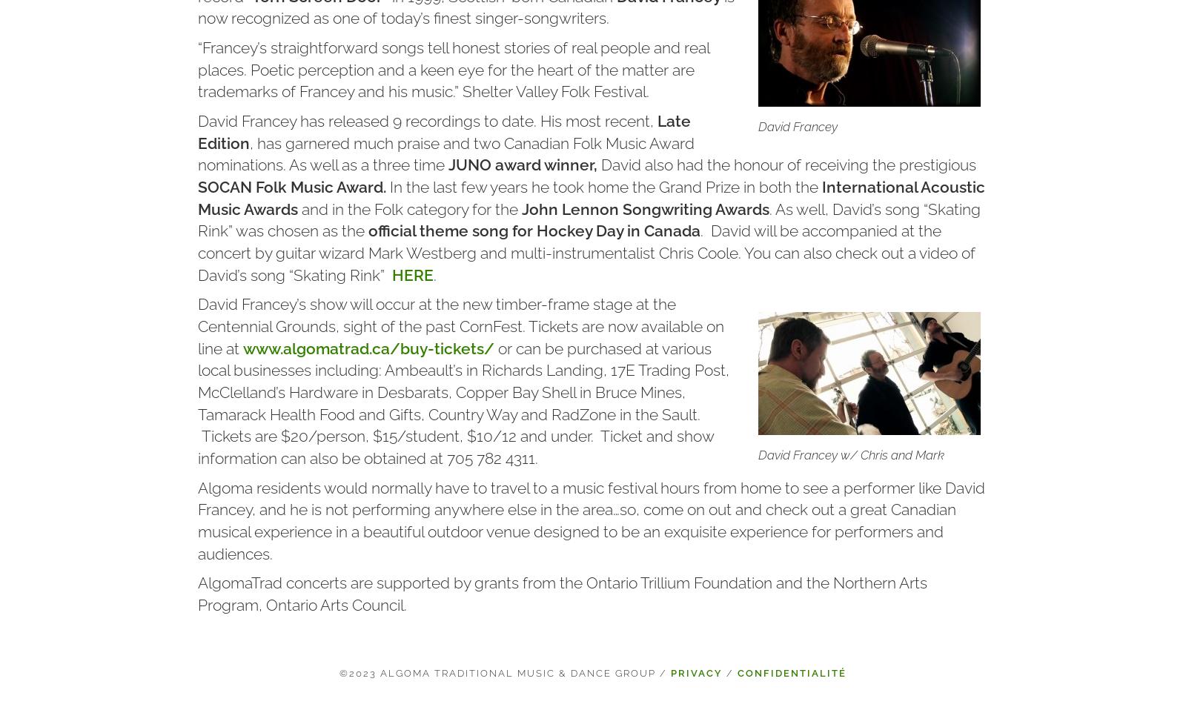  I want to click on 'Algoma residents would normally have to travel to a music festival hours from home to see a performer like David Francey, and he is not performing anywhere else in the area…so, come on out and check out a great Canadian musical experience in a beautiful outdoor venue designed to be an exquisite experience for performers and audiences.', so click(197, 520).